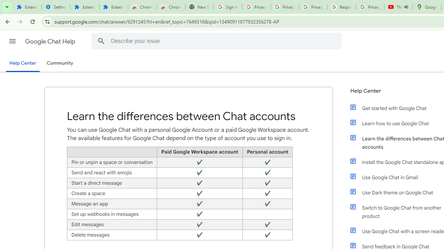 Image resolution: width=444 pixels, height=249 pixels. What do you see at coordinates (113, 7) in the screenshot?
I see `'Extensions'` at bounding box center [113, 7].